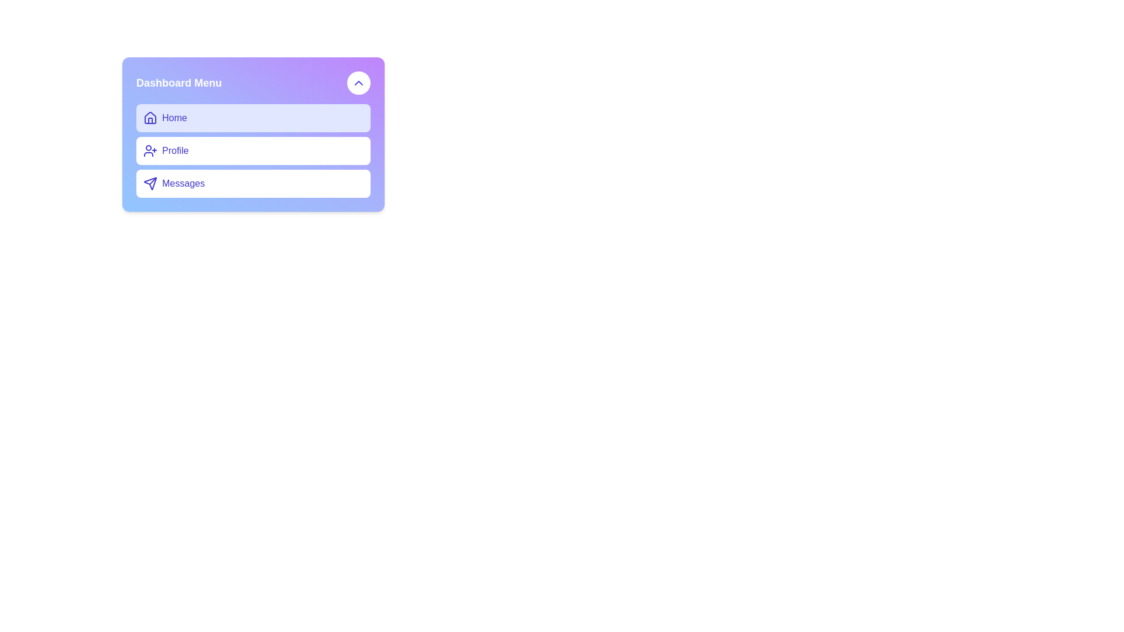 The image size is (1124, 632). Describe the element at coordinates (183, 183) in the screenshot. I see `'Messages' text label located in the bottom section of the vertical menu on the left side of the interface` at that location.